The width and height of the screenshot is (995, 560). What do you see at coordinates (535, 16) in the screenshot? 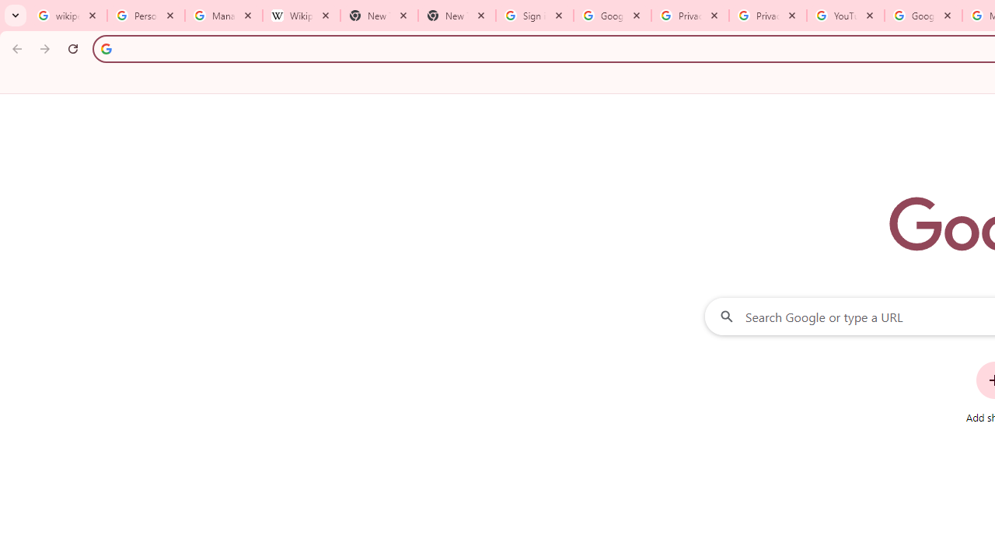
I see `'Sign in - Google Accounts'` at bounding box center [535, 16].